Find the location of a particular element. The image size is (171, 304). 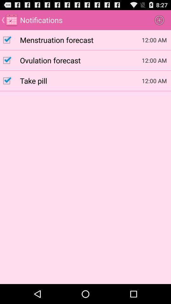

item to the left of 12:00 am item is located at coordinates (81, 39).